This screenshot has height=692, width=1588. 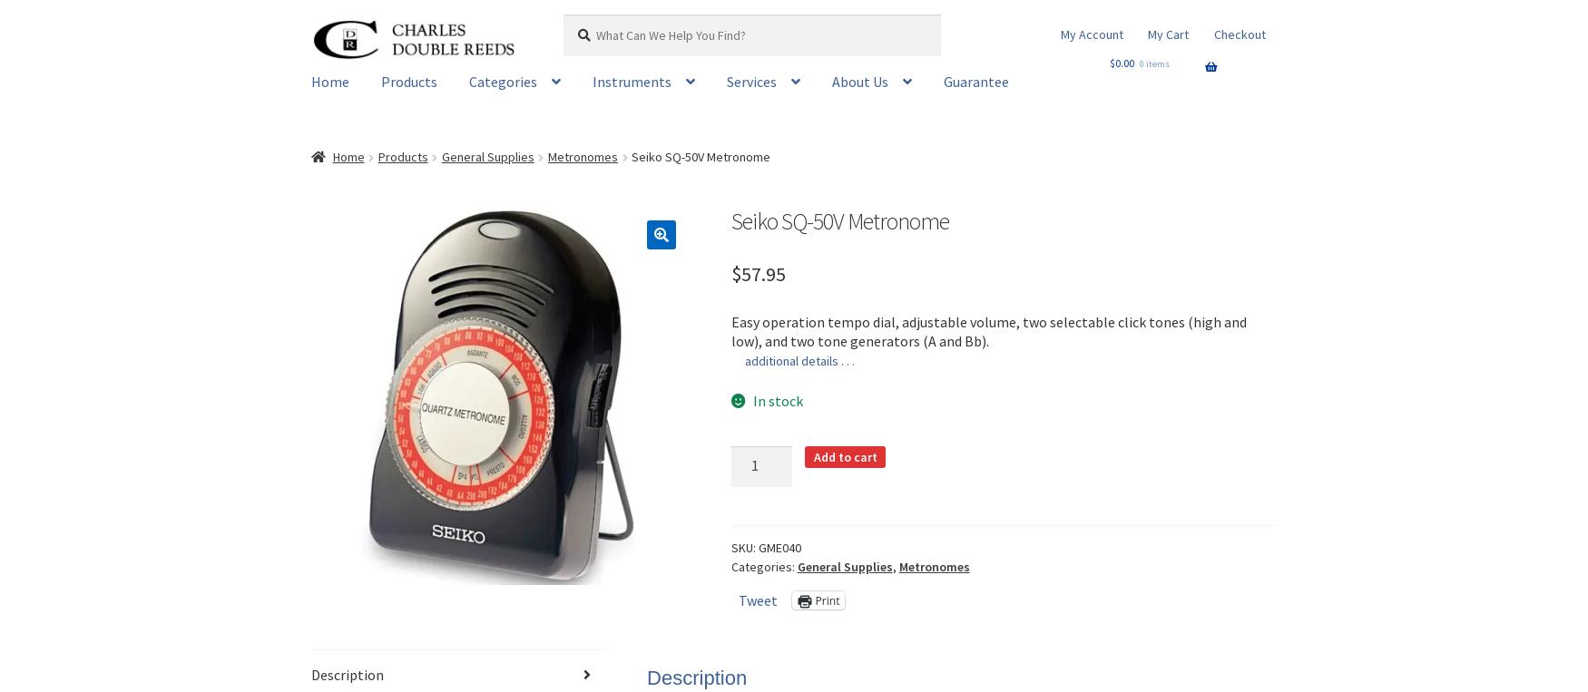 What do you see at coordinates (813, 599) in the screenshot?
I see `'Print'` at bounding box center [813, 599].